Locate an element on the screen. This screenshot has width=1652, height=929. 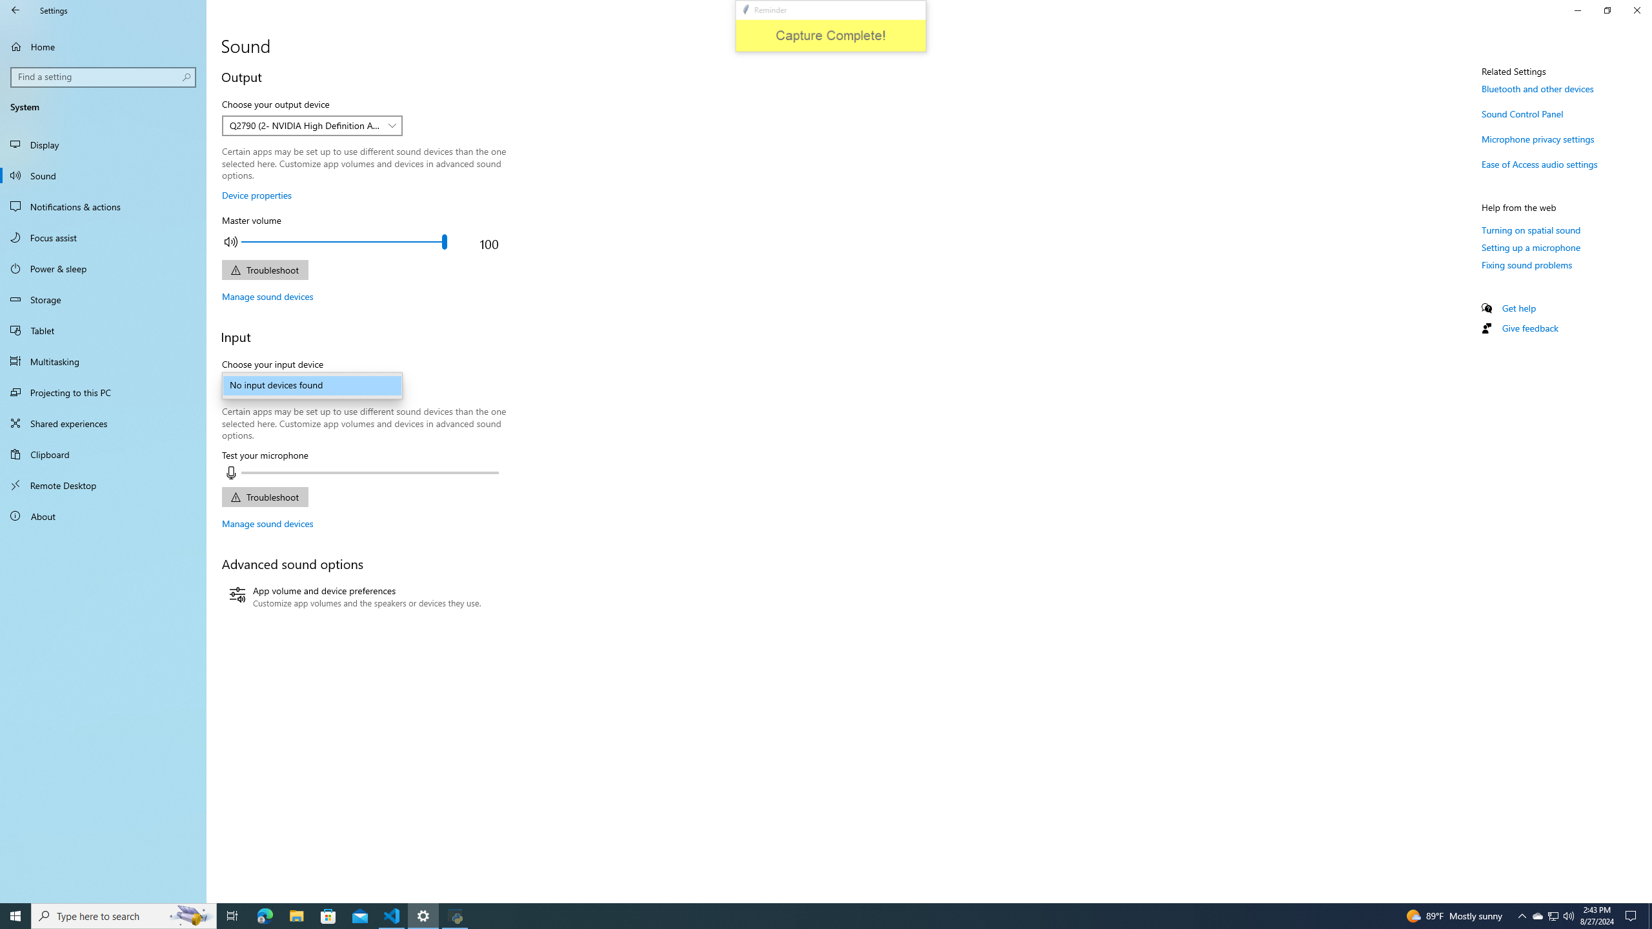
'Fixing sound problems' is located at coordinates (1526, 264).